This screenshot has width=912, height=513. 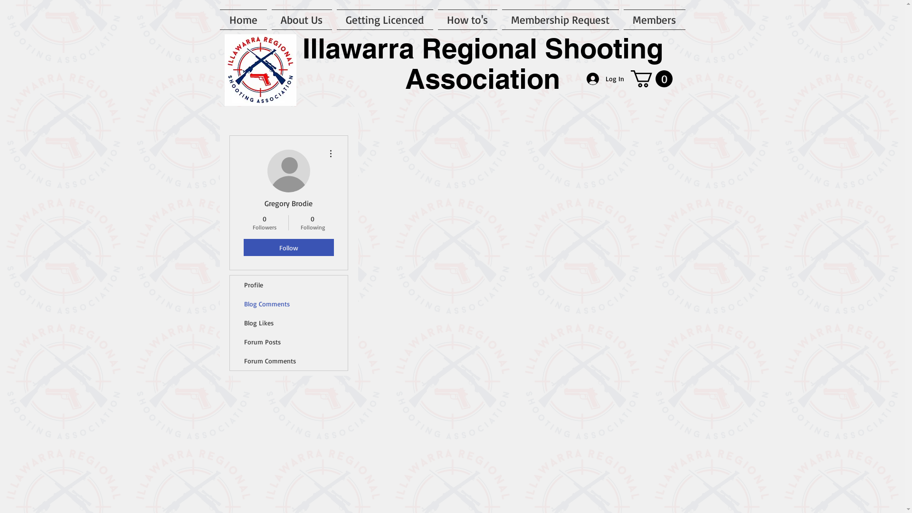 I want to click on 'Profile', so click(x=288, y=285).